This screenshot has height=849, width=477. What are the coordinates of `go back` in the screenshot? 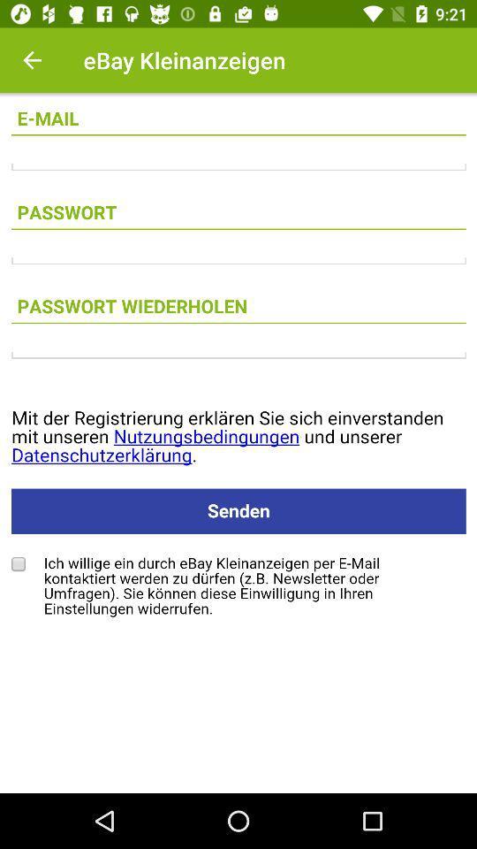 It's located at (32, 60).